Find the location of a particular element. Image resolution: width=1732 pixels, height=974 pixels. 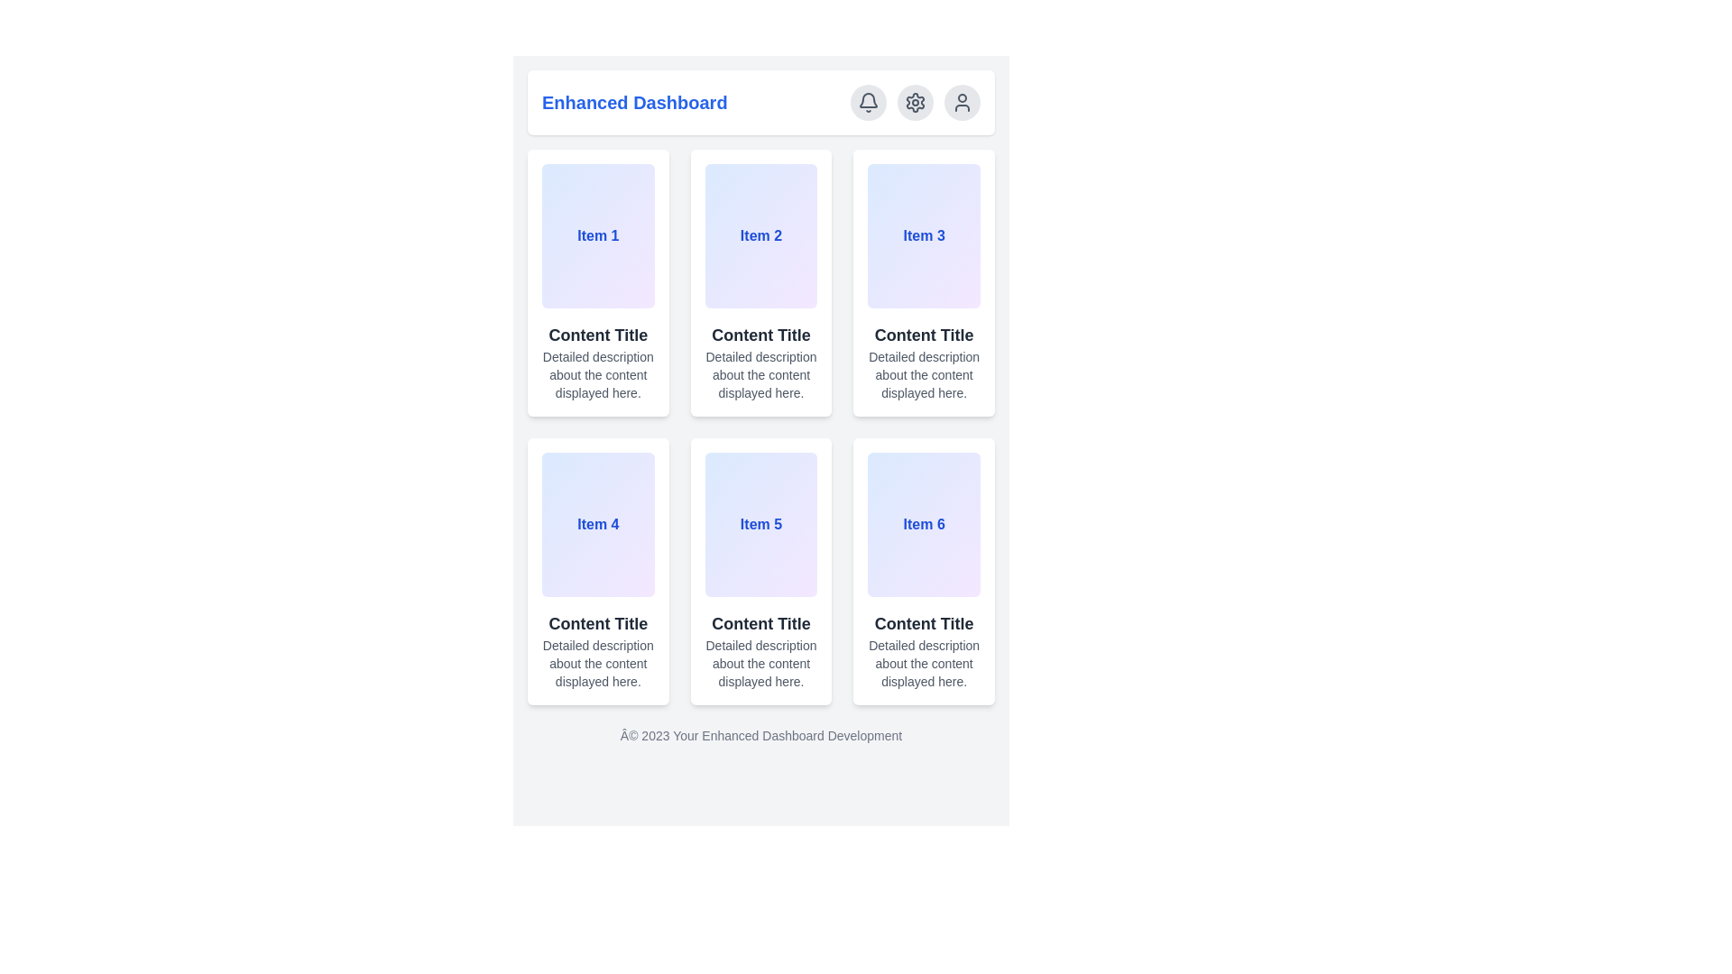

the Informational Card that displays 'Item 4' and its content, located in the second row, first column of the dashboard interface is located at coordinates (598, 571).